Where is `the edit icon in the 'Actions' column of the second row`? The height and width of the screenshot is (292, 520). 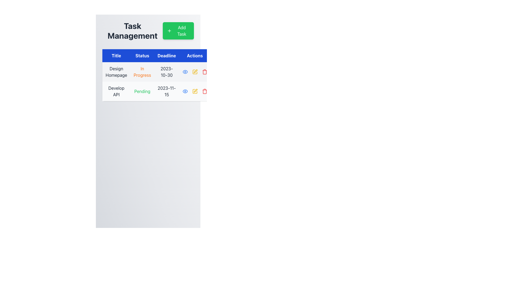 the edit icon in the 'Actions' column of the second row is located at coordinates (195, 72).